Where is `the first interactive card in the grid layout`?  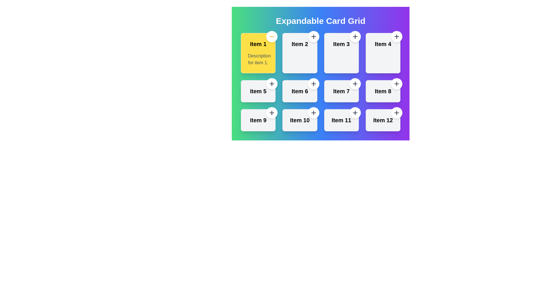 the first interactive card in the grid layout is located at coordinates (258, 53).